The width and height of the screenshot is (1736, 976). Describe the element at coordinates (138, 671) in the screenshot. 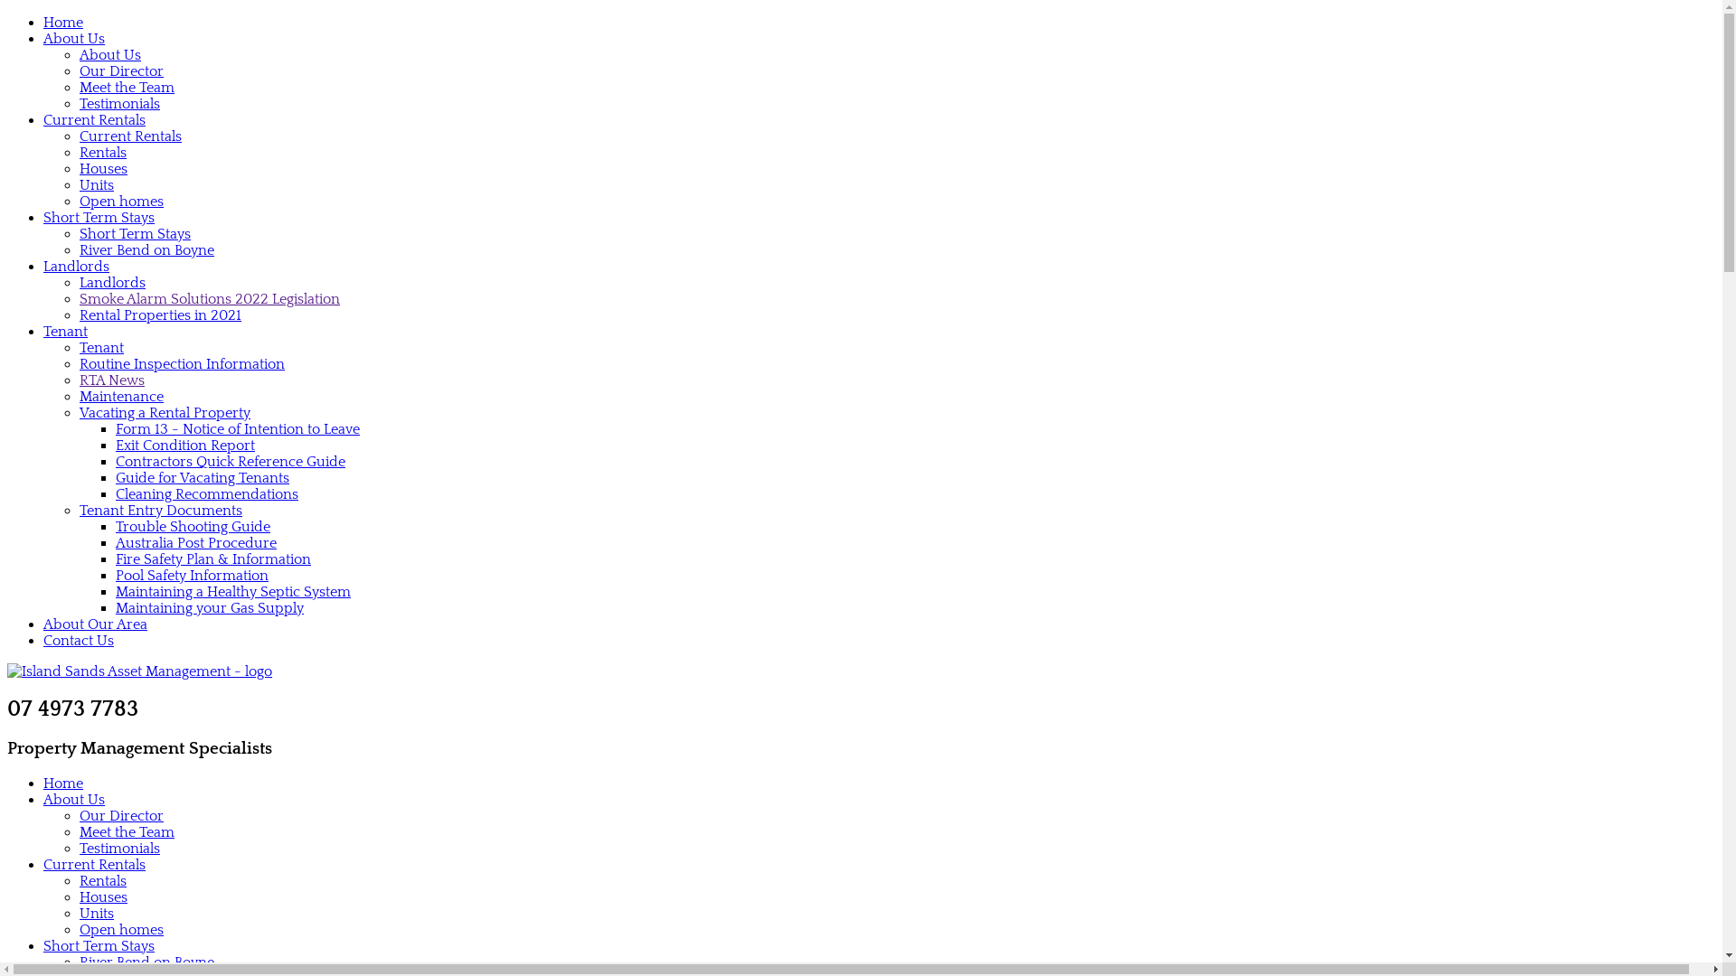

I see `'Island Sands Asset Management'` at that location.